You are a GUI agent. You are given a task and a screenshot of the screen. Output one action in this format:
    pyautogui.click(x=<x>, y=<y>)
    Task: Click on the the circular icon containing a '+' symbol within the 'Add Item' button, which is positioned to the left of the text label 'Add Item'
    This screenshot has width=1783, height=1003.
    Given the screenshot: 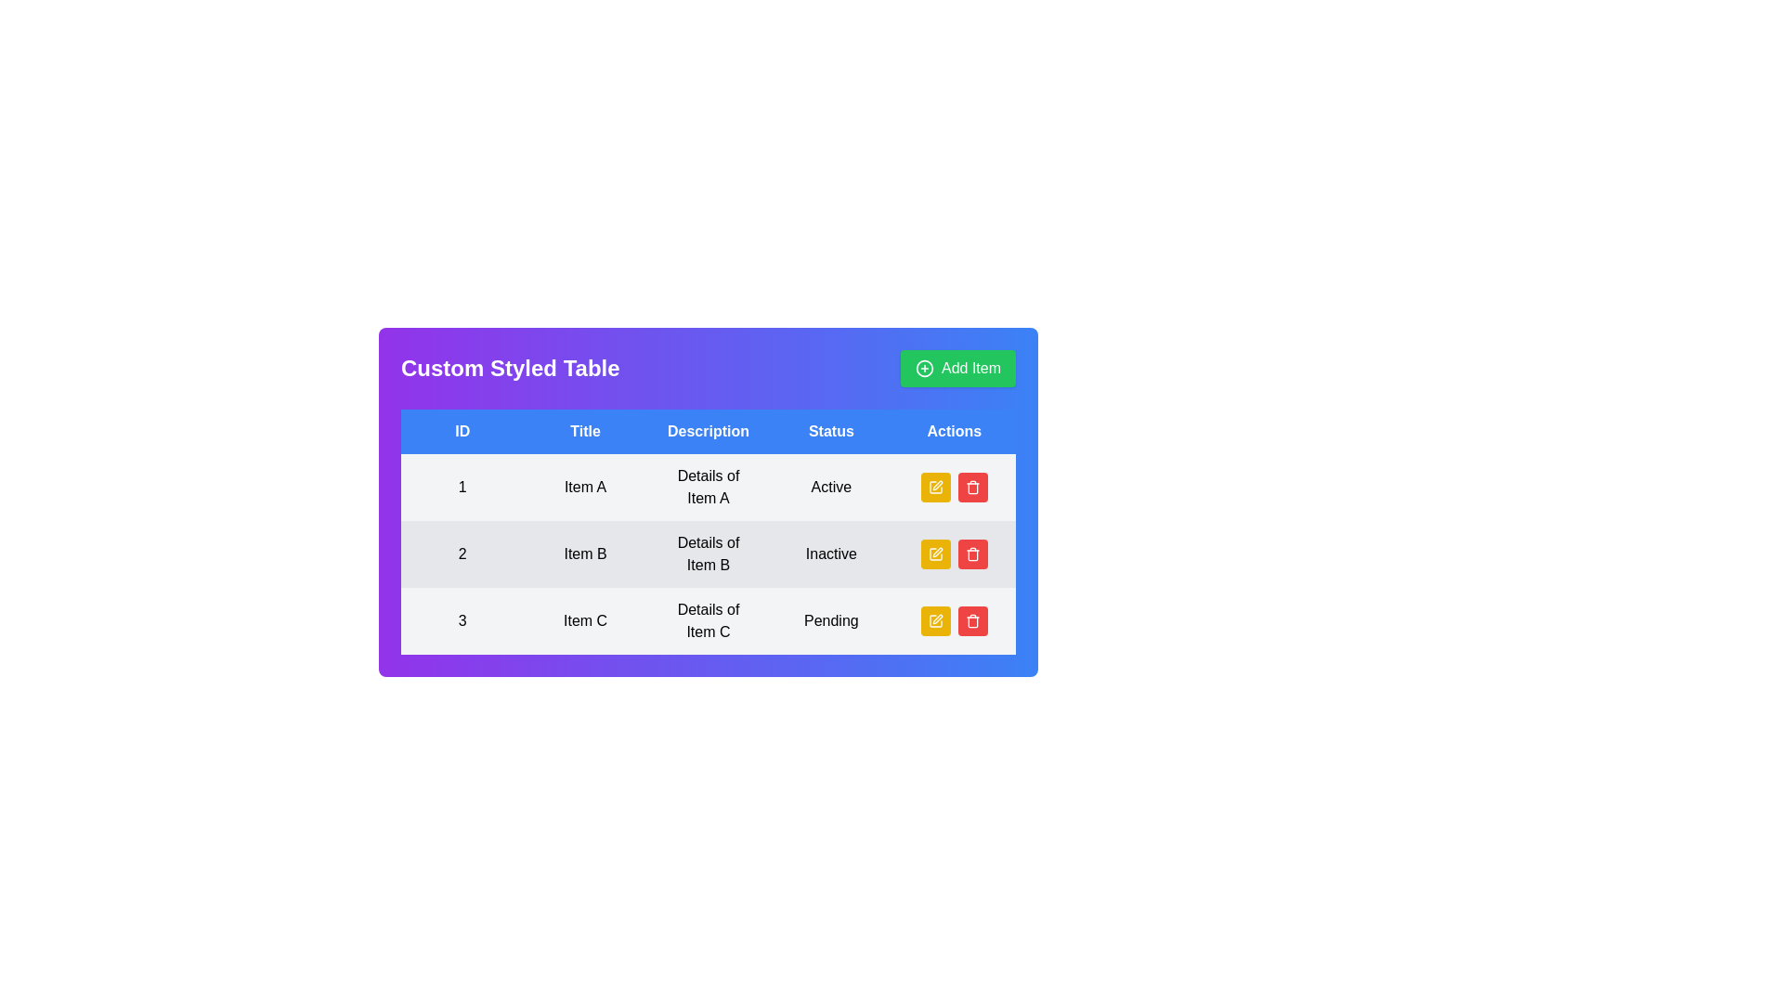 What is the action you would take?
    pyautogui.click(x=924, y=369)
    